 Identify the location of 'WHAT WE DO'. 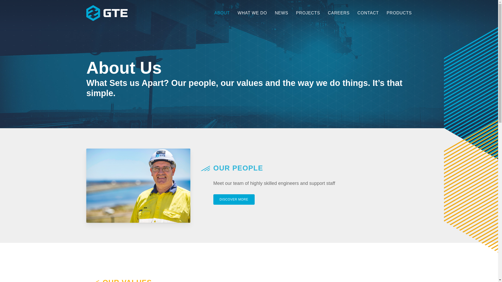
(252, 13).